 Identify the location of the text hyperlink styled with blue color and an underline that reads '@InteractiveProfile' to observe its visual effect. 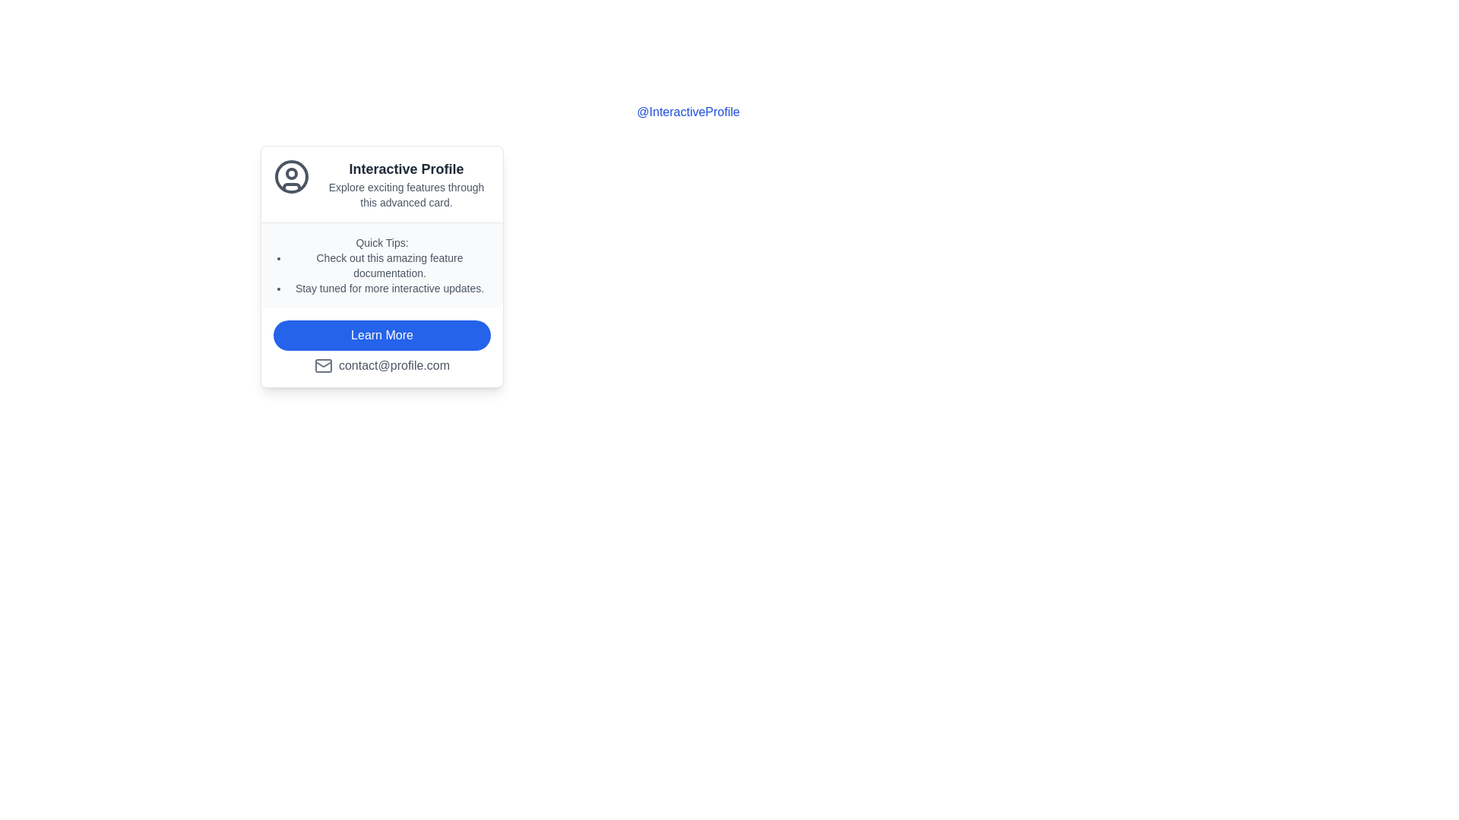
(688, 111).